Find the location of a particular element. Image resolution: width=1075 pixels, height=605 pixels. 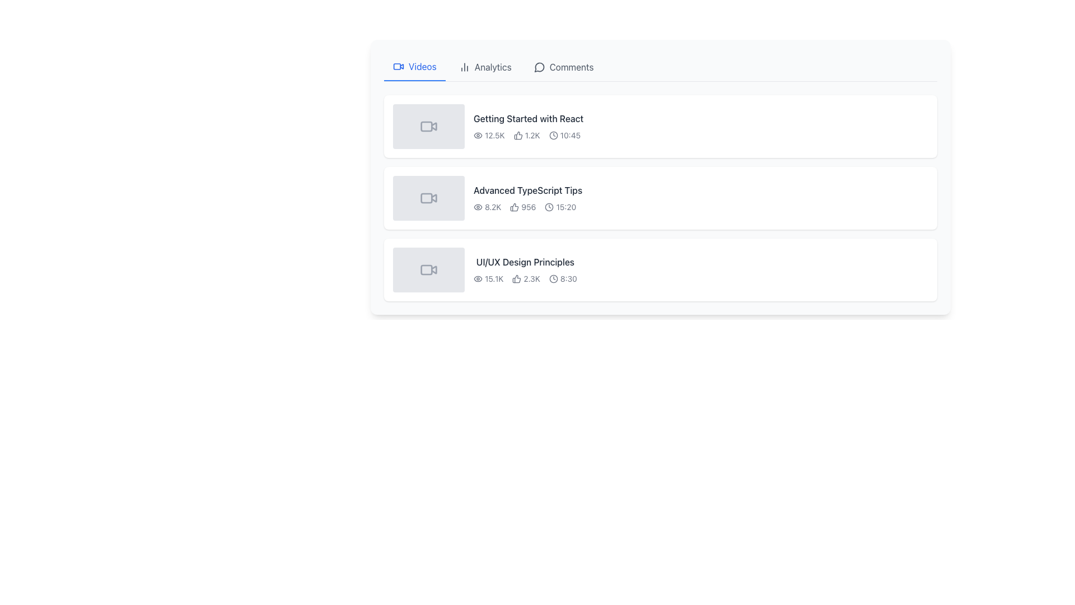

the eye-shaped icon located to the left of the '12.5K' text in the first video entry titled 'Getting Started with React' is located at coordinates (478, 135).